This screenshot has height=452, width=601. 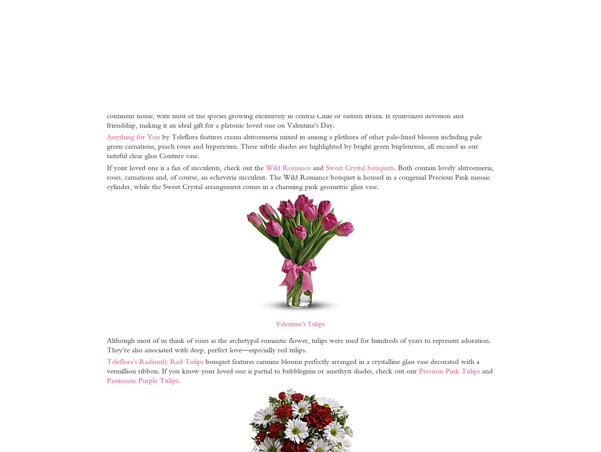 I want to click on 'Valentine’s Tulips', so click(x=300, y=323).